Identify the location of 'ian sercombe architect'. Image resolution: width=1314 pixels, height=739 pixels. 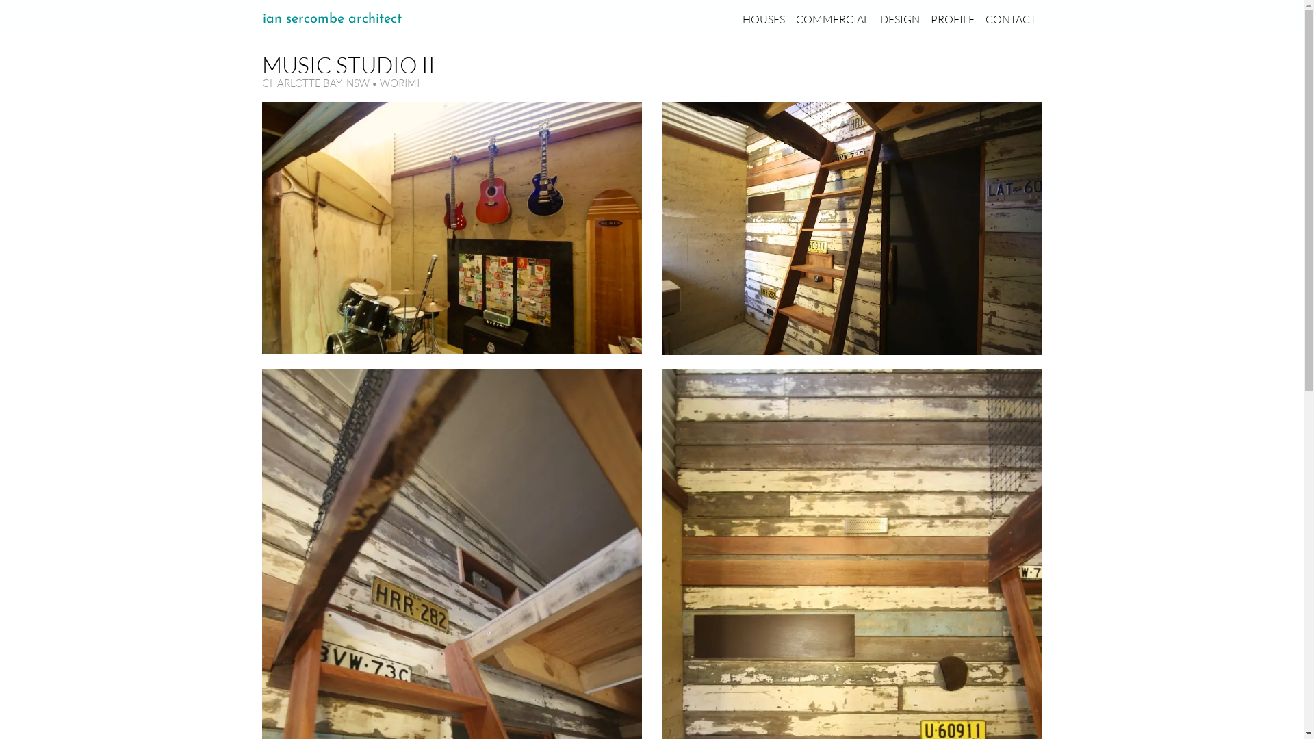
(332, 18).